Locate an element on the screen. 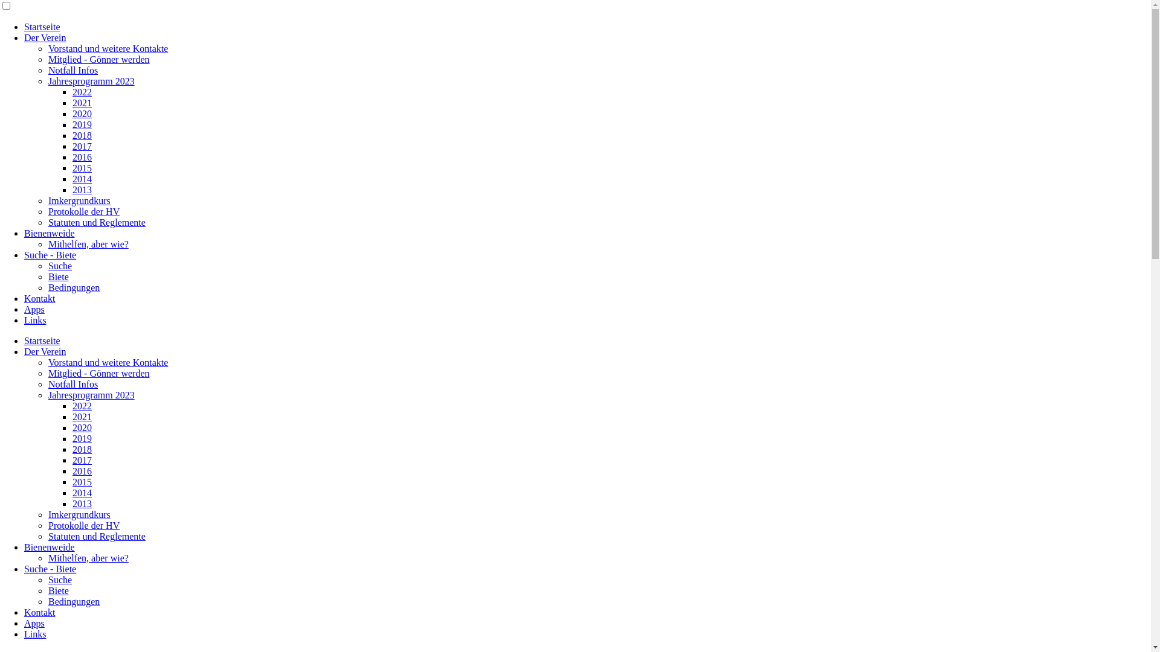  '2022' is located at coordinates (81, 406).